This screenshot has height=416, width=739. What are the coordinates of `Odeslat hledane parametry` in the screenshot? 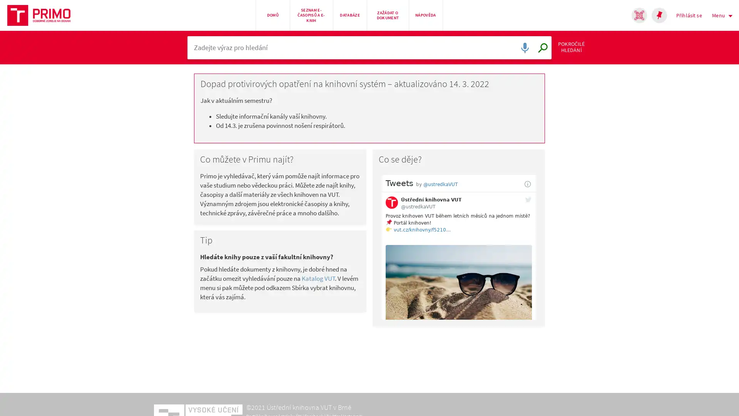 It's located at (540, 50).